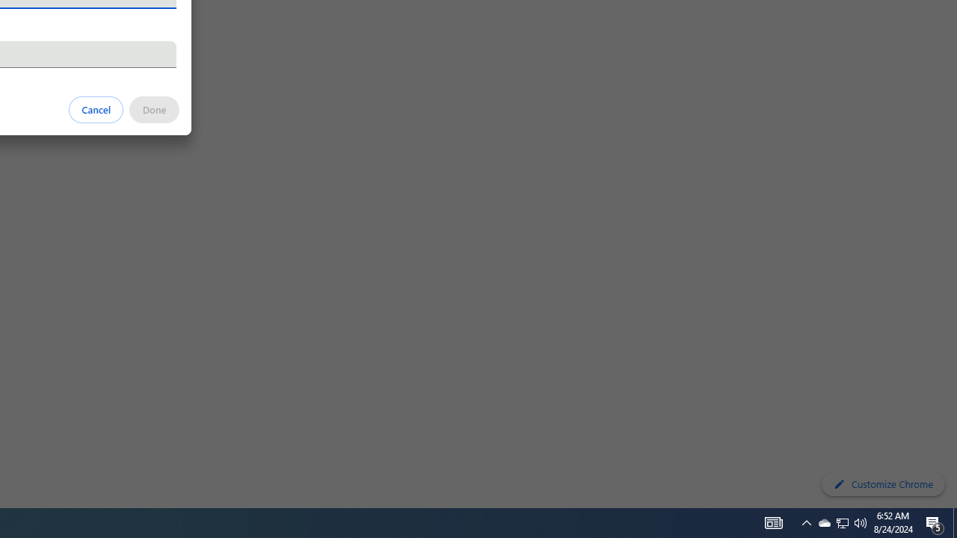 This screenshot has width=957, height=538. Describe the element at coordinates (154, 108) in the screenshot. I see `'Done'` at that location.